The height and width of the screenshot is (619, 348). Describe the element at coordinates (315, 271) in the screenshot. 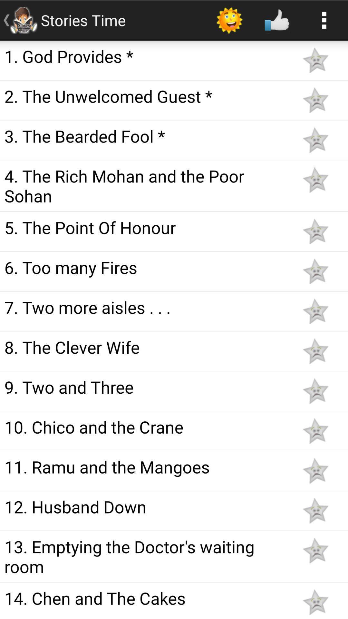

I see `favorite` at that location.